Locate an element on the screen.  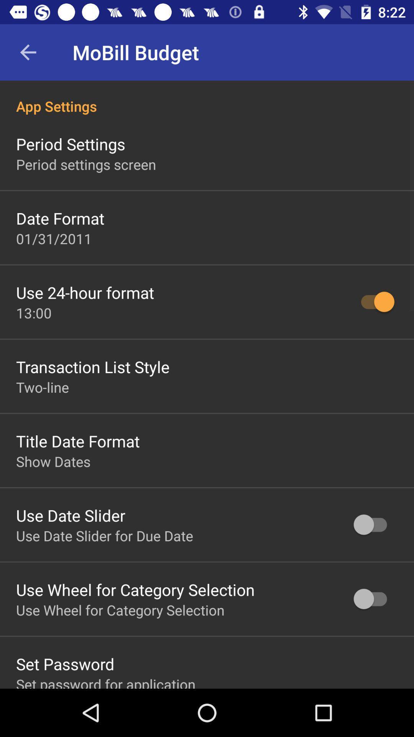
the previous screen is located at coordinates (28, 52).